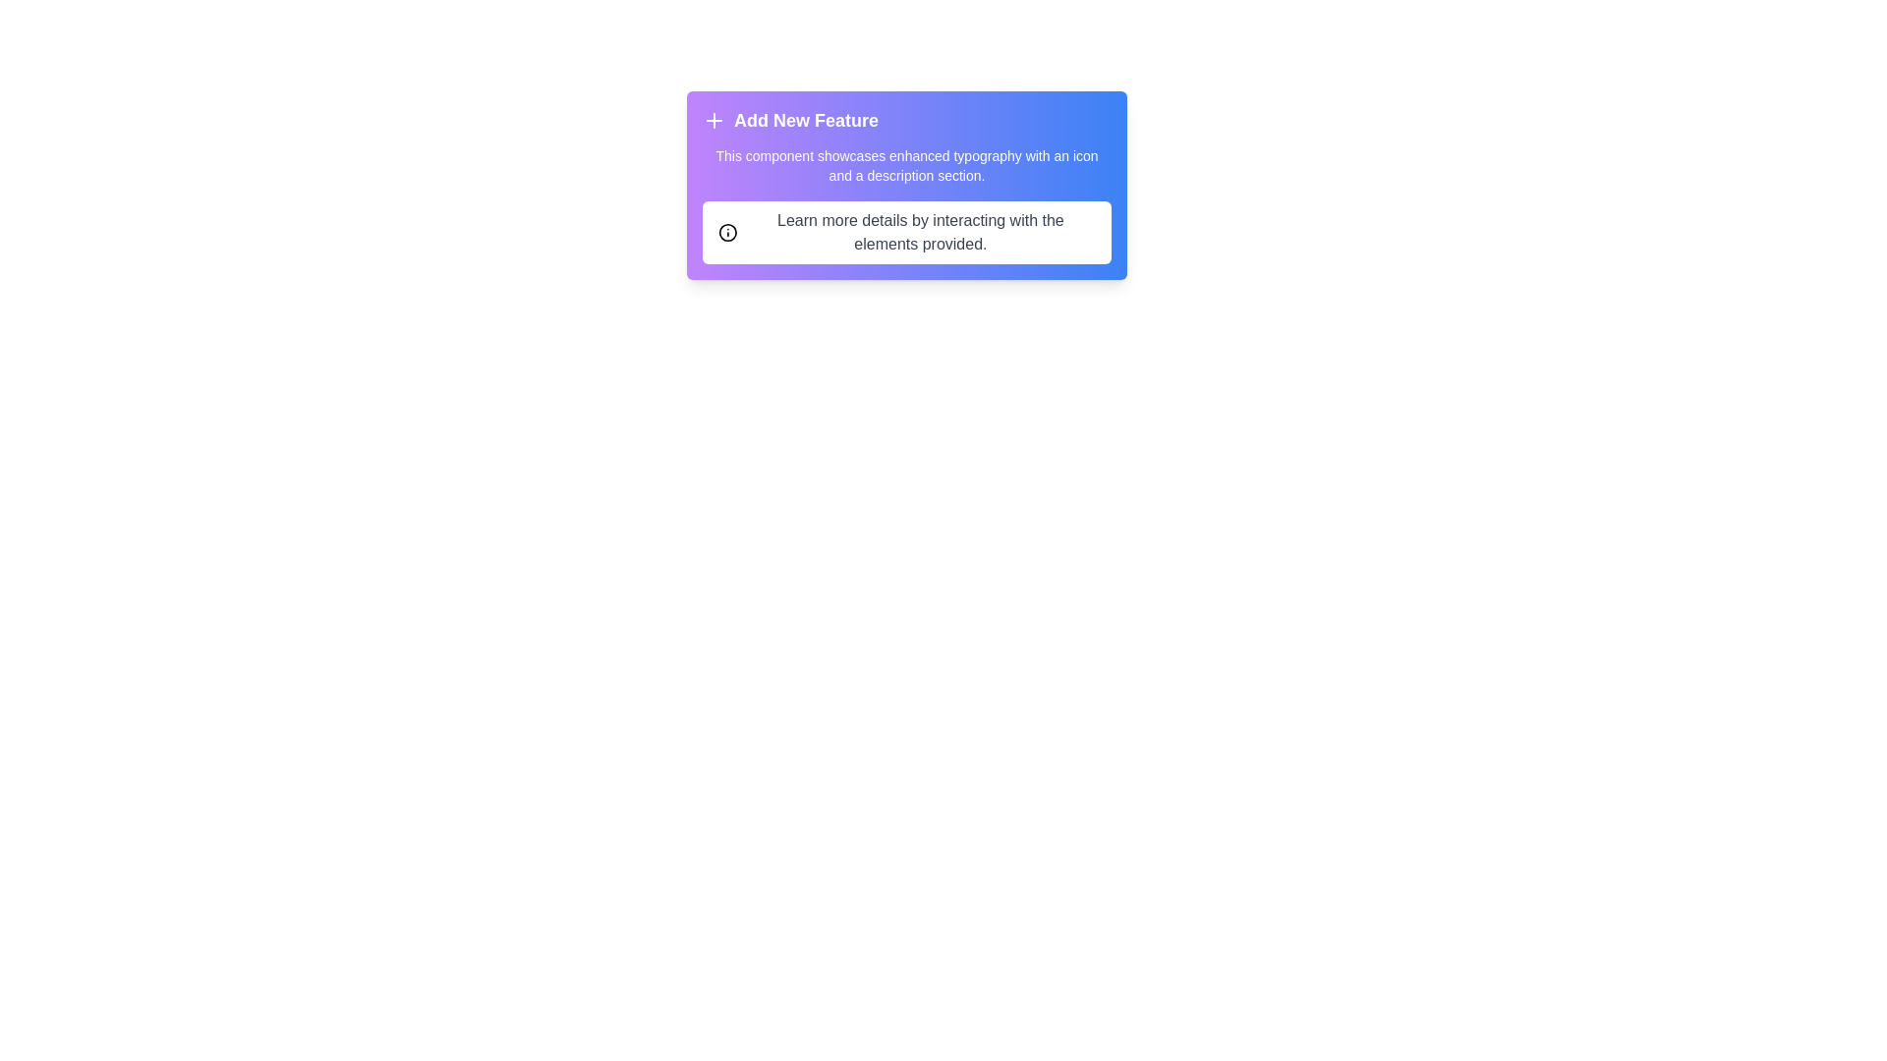 The width and height of the screenshot is (1887, 1061). Describe the element at coordinates (726, 231) in the screenshot. I see `the informational icon located at the beginning of the text area that prompts users to learn more details by interacting with the elements provided` at that location.